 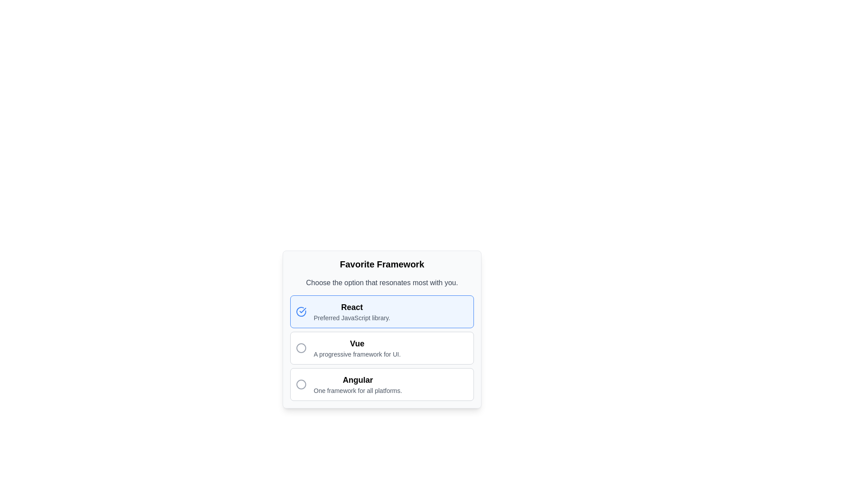 I want to click on the radio button representing the selection state for the 'Angular' option, so click(x=301, y=384).